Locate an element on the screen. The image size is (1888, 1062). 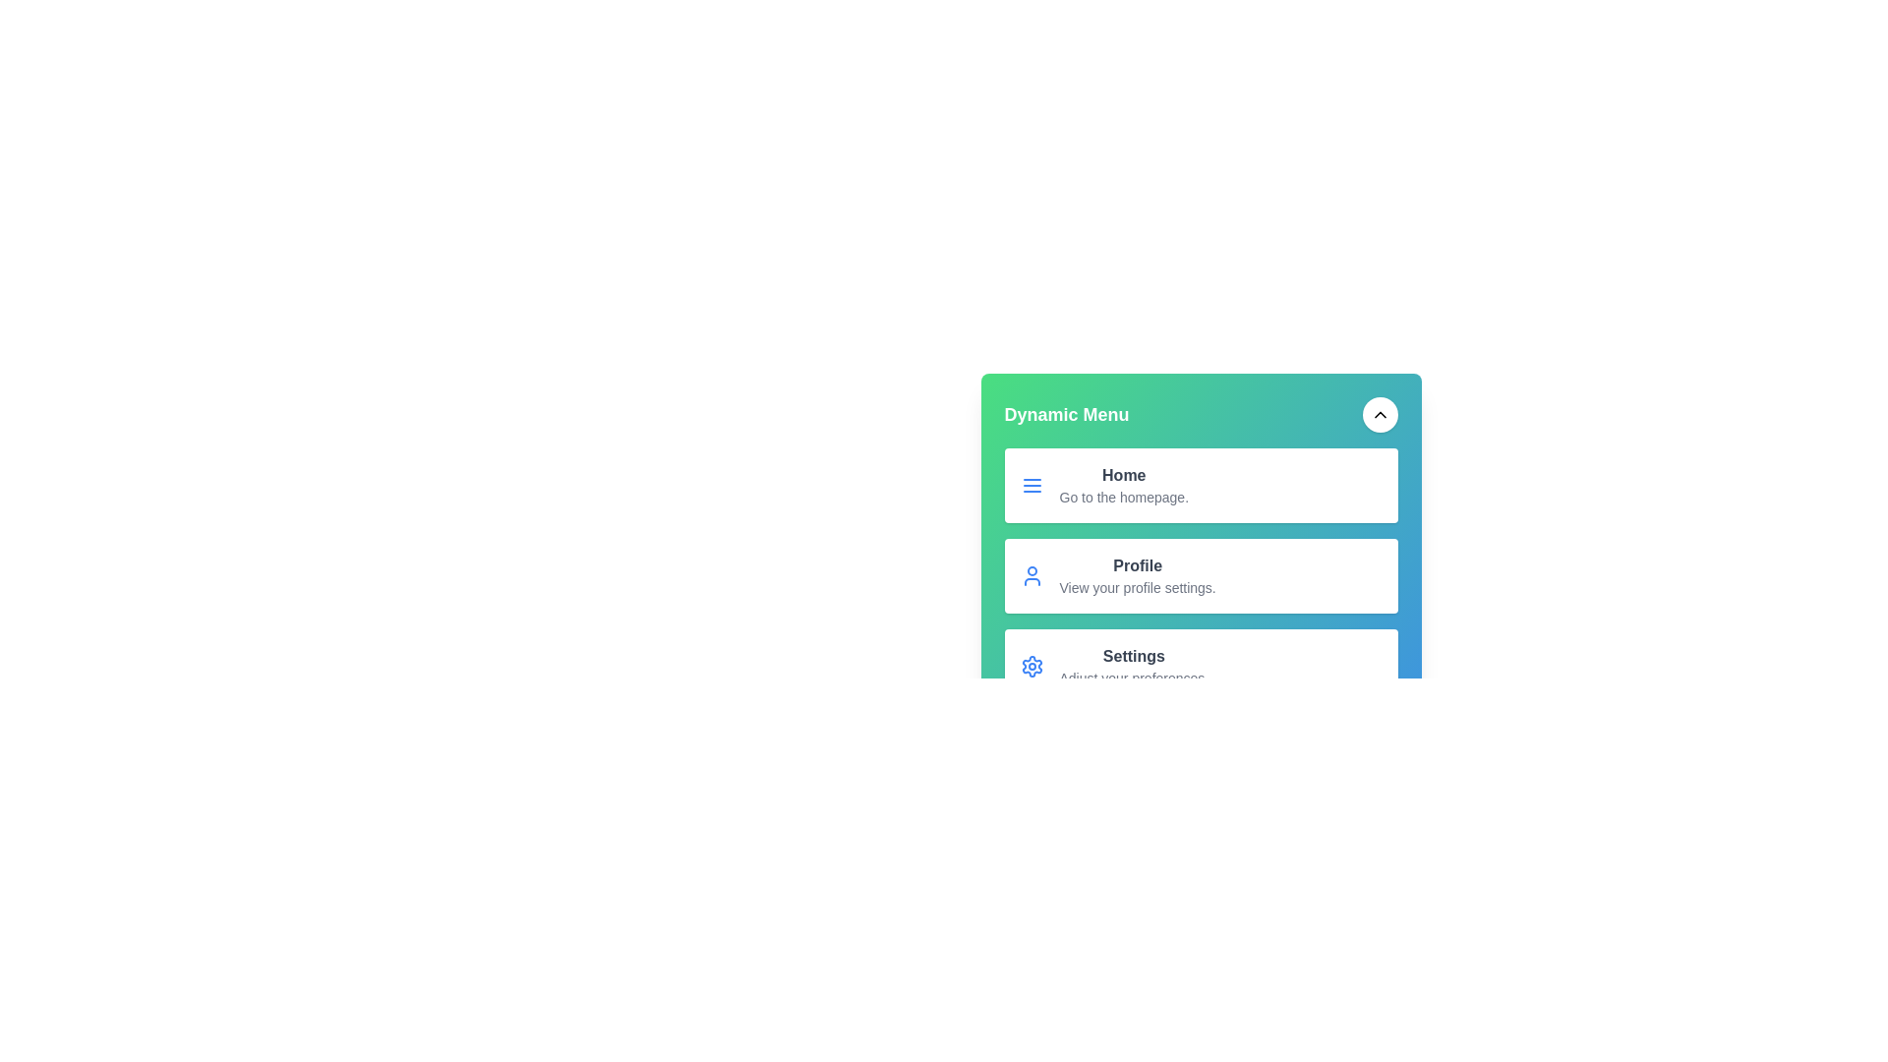
the 'Settings' text component is located at coordinates (1134, 666).